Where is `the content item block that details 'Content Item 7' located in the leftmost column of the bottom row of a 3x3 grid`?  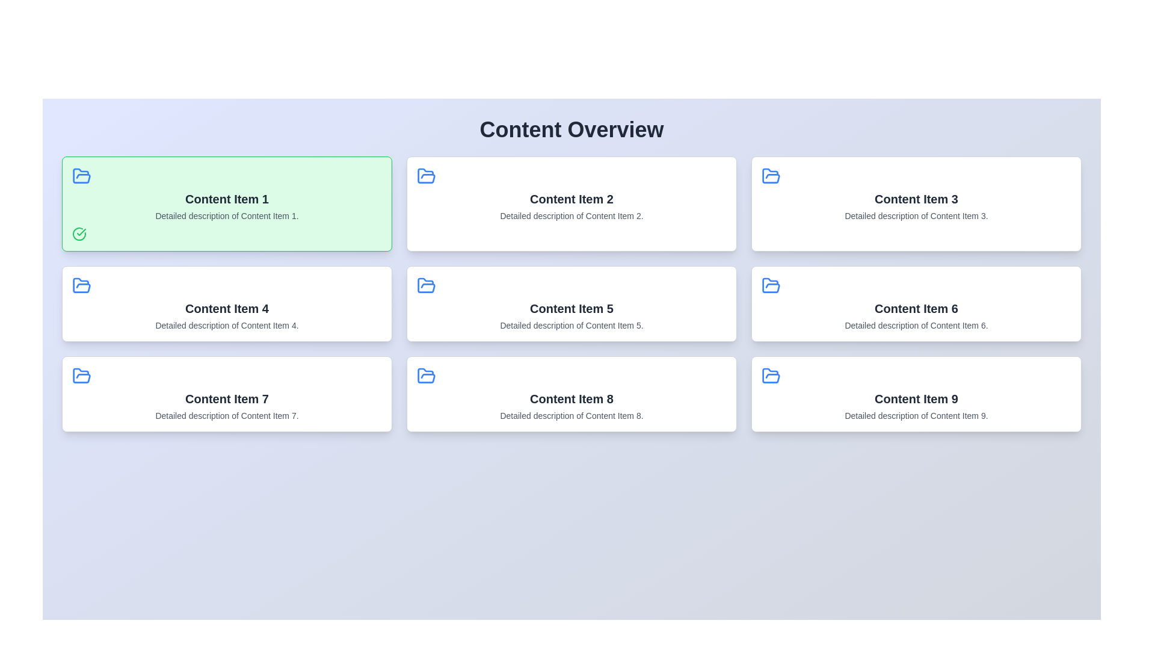 the content item block that details 'Content Item 7' located in the leftmost column of the bottom row of a 3x3 grid is located at coordinates (227, 394).